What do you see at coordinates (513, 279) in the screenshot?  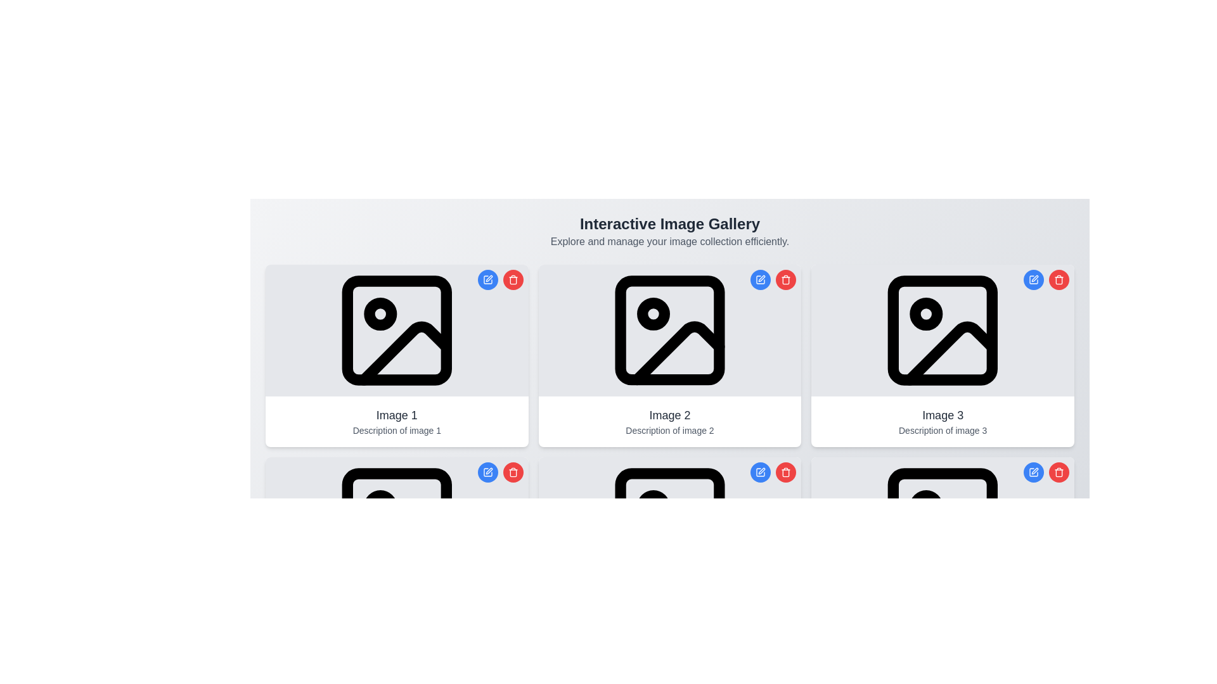 I see `the delete button (Trash can icon) located at the top-right of the card displaying 'Image 1' to initiate the delete action for the associated item` at bounding box center [513, 279].